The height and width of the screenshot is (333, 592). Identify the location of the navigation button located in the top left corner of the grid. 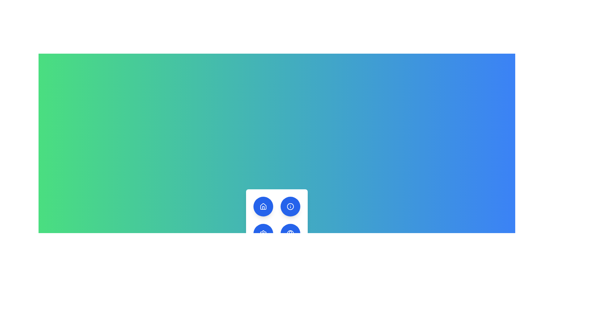
(263, 207).